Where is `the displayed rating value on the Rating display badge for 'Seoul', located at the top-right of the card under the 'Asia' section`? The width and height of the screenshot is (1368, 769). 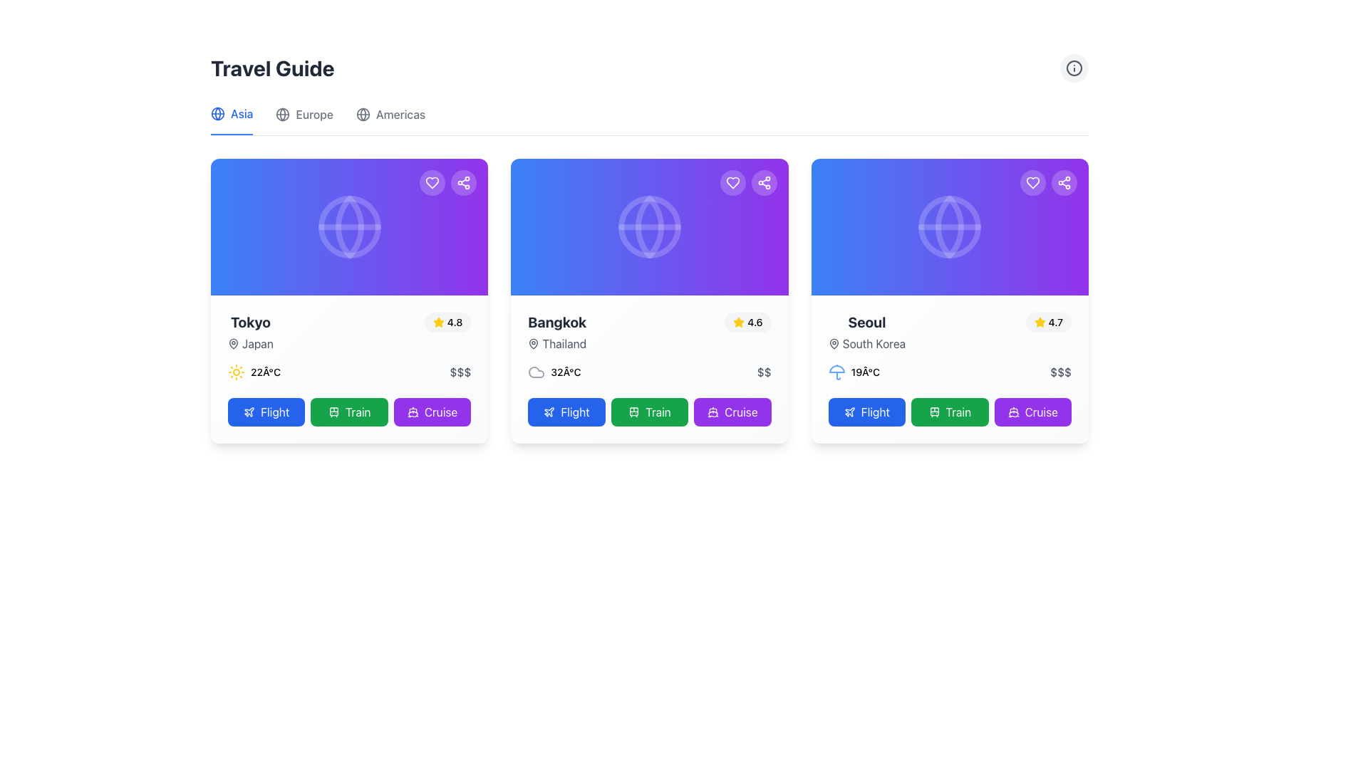
the displayed rating value on the Rating display badge for 'Seoul', located at the top-right of the card under the 'Asia' section is located at coordinates (1048, 322).